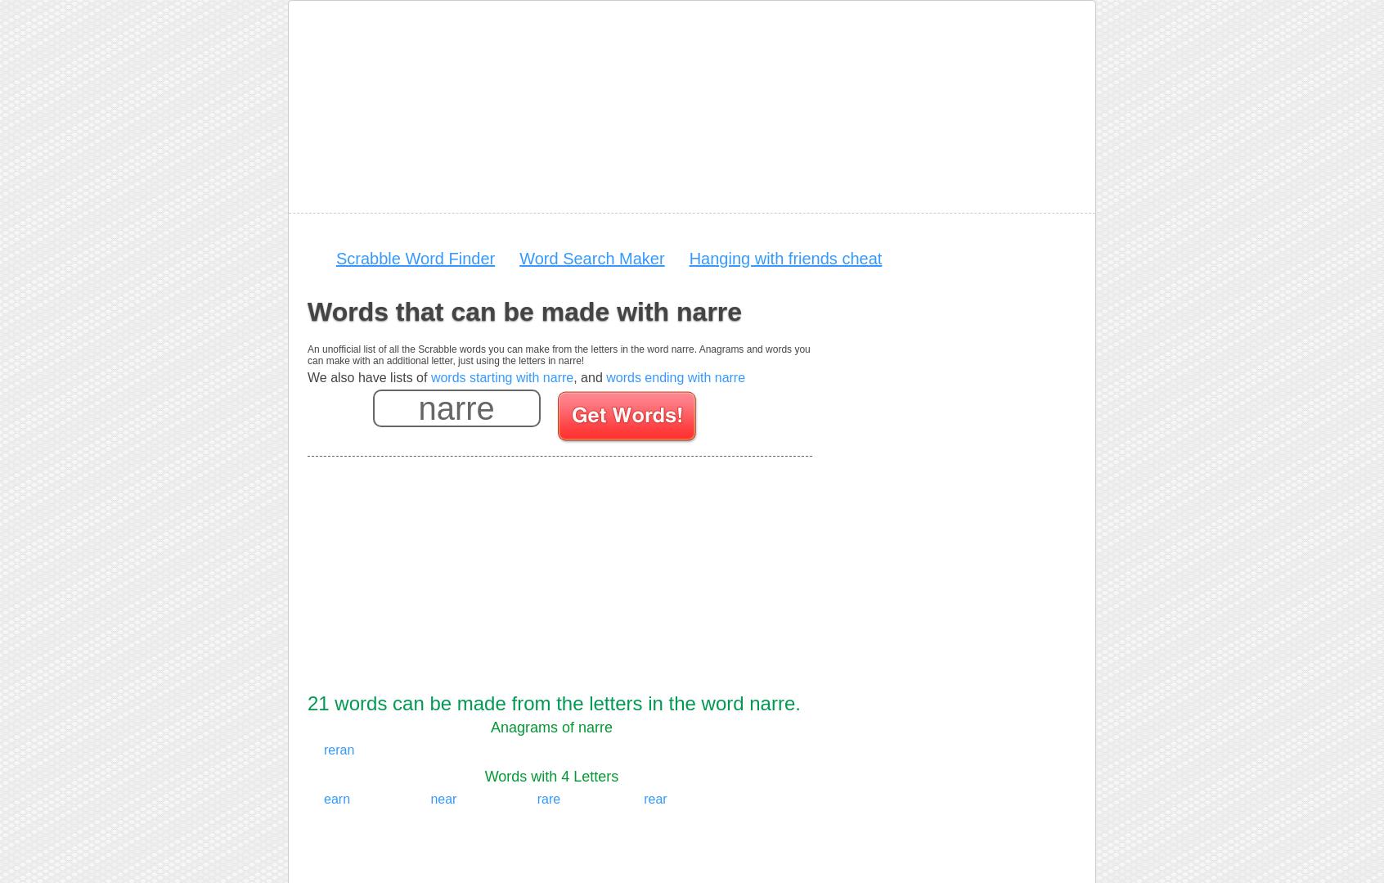 The width and height of the screenshot is (1384, 883). What do you see at coordinates (483, 776) in the screenshot?
I see `'Words with 4 Letters'` at bounding box center [483, 776].